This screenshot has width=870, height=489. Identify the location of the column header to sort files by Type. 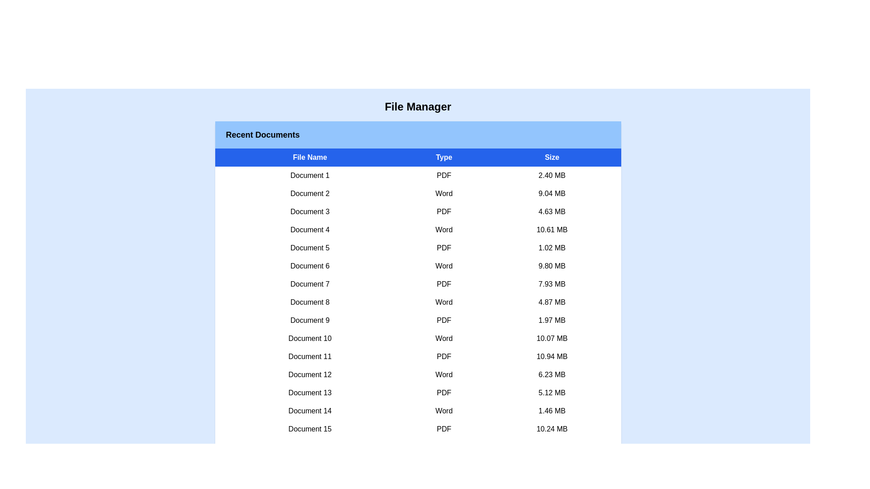
(444, 157).